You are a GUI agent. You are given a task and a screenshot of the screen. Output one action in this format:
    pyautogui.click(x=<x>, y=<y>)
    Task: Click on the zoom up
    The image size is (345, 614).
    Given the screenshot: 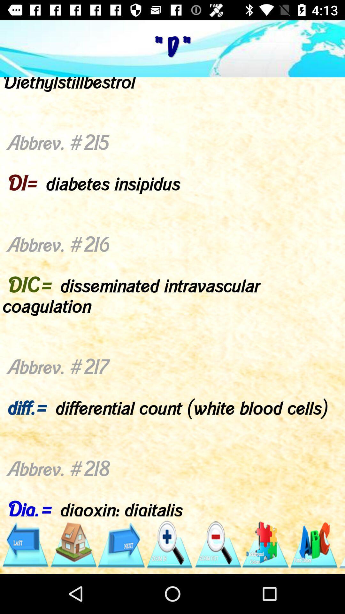 What is the action you would take?
    pyautogui.click(x=169, y=544)
    